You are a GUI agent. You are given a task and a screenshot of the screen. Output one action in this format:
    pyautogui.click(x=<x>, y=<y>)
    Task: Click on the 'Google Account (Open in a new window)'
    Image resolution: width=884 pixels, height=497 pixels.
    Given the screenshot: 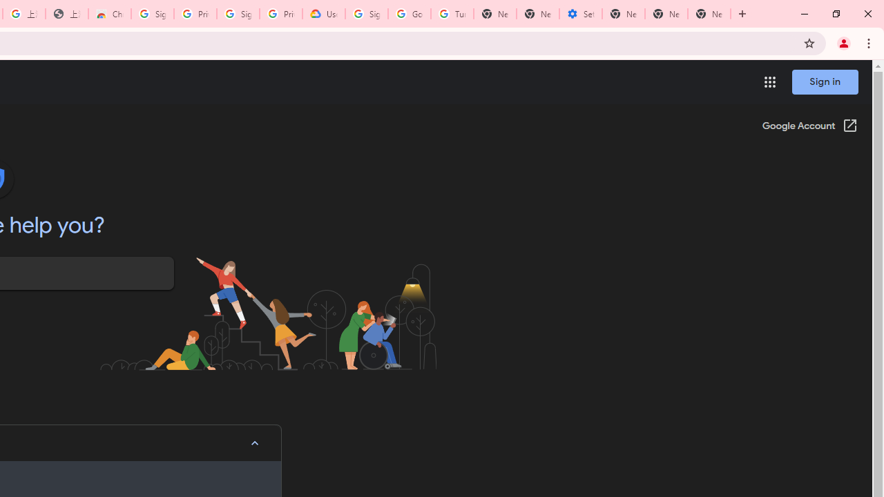 What is the action you would take?
    pyautogui.click(x=810, y=126)
    